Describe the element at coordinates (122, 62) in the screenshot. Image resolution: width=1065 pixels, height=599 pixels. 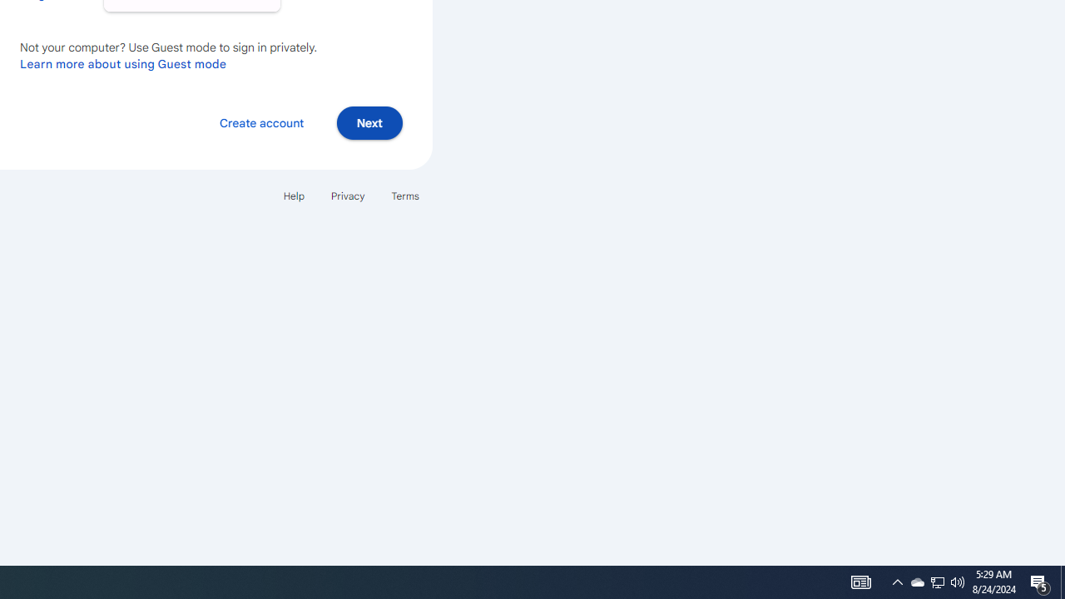
I see `'Learn more about using Guest mode'` at that location.